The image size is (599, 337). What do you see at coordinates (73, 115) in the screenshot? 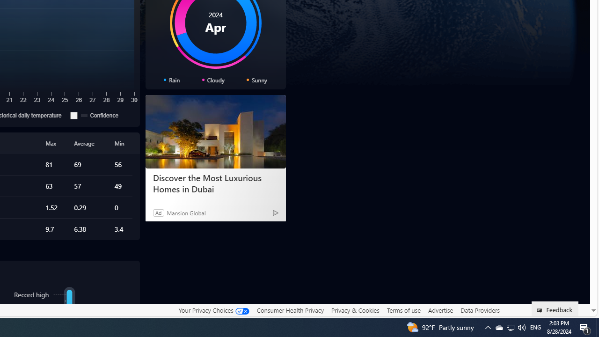
I see `'Confidence'` at bounding box center [73, 115].